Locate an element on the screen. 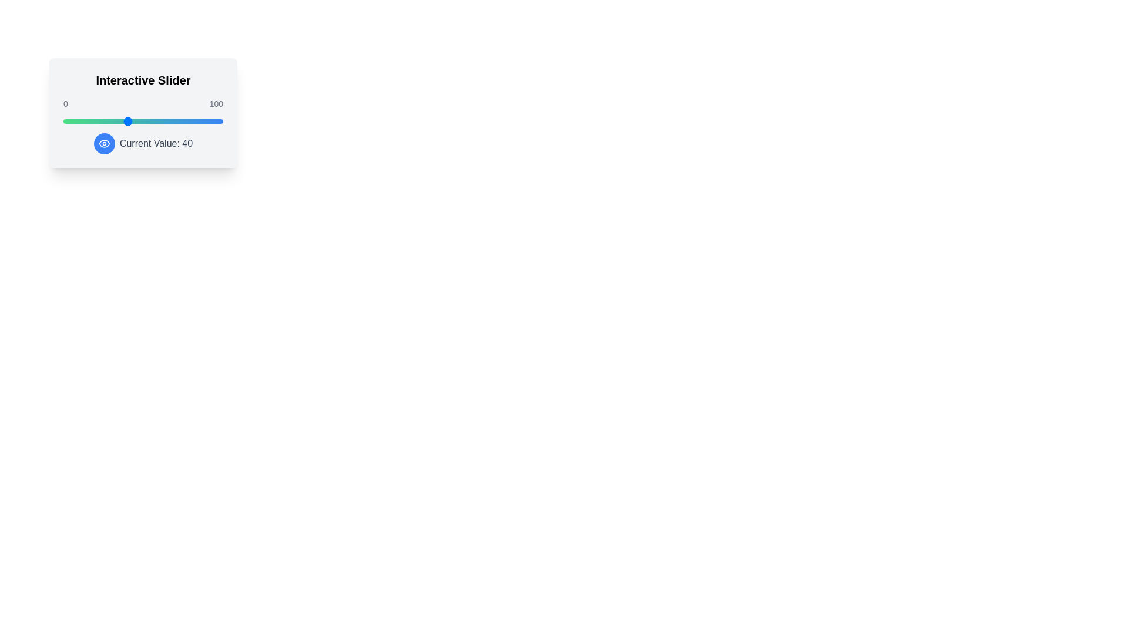 The height and width of the screenshot is (634, 1128). the slider to set its value to 57 is located at coordinates (154, 122).